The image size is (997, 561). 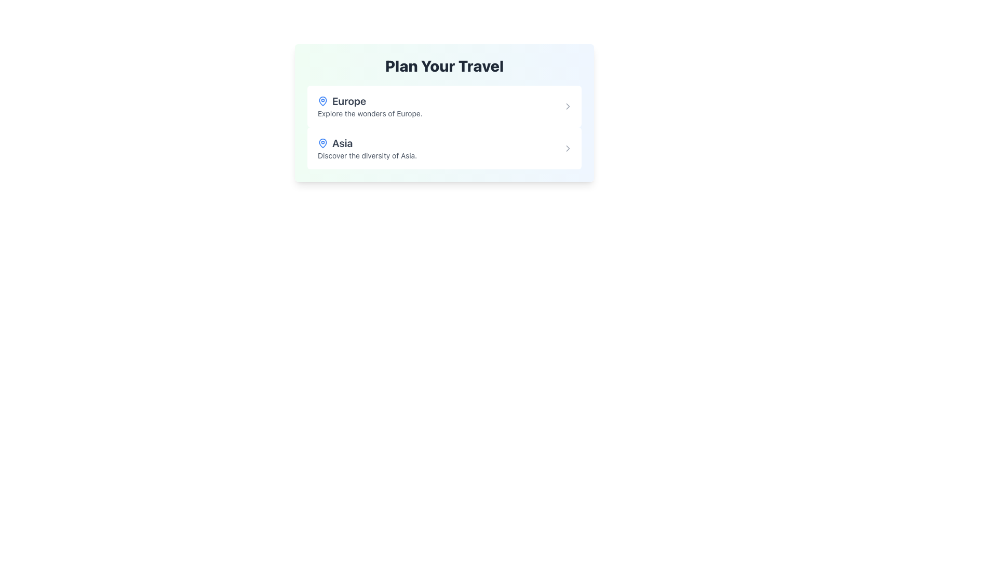 What do you see at coordinates (370, 106) in the screenshot?
I see `the first button-like list item under the 'Plan Your Travel' header` at bounding box center [370, 106].